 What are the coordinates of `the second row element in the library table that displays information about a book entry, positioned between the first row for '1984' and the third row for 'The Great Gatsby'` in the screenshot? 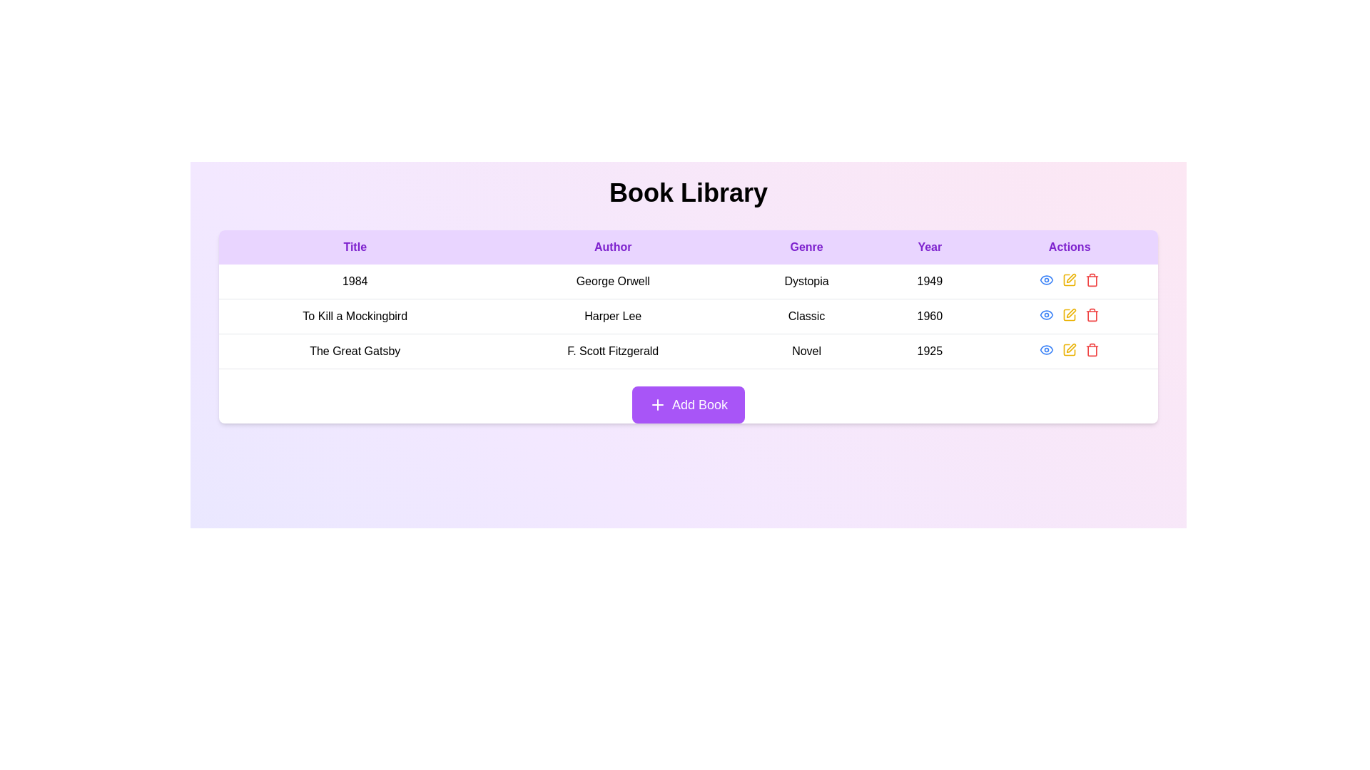 It's located at (688, 315).